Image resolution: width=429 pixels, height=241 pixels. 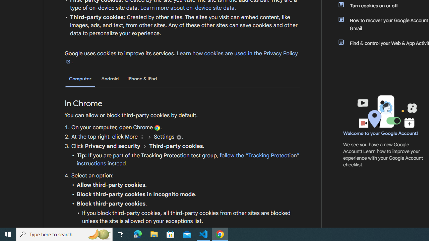 I want to click on 'Welcome to your Google Account!', so click(x=380, y=133).